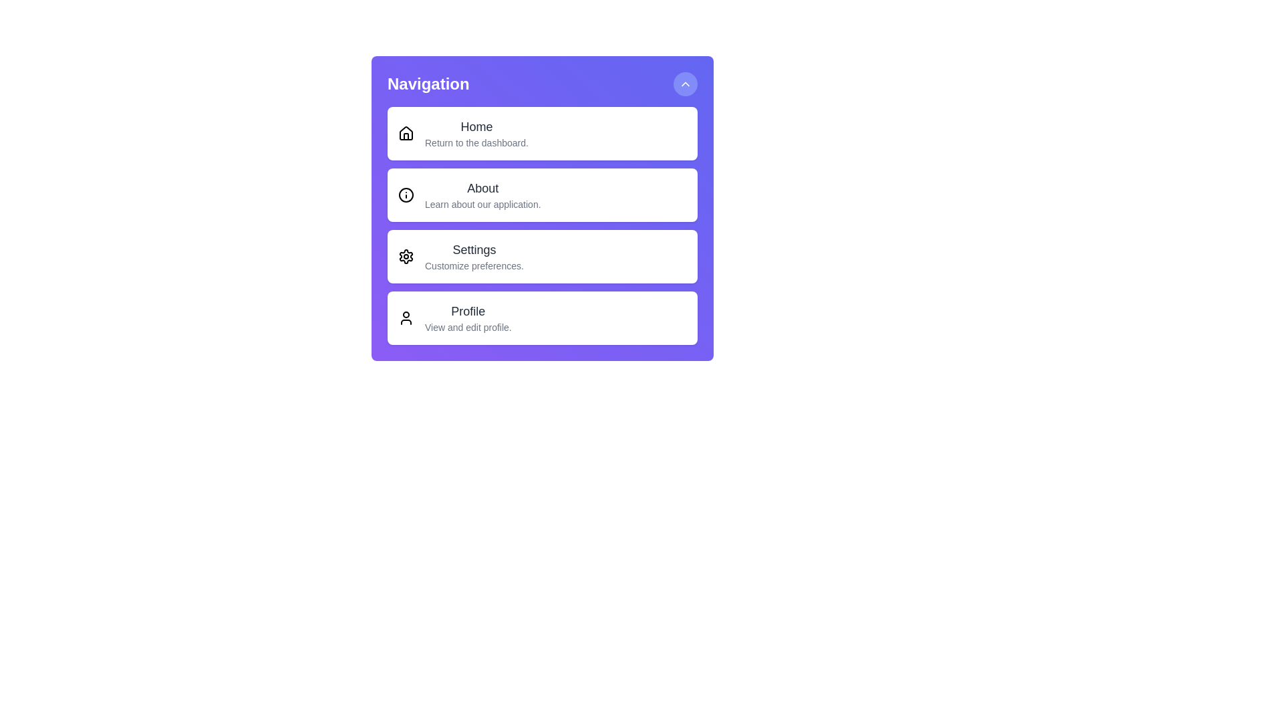 Image resolution: width=1283 pixels, height=722 pixels. What do you see at coordinates (686, 84) in the screenshot?
I see `toggle button to change the menu visibility` at bounding box center [686, 84].